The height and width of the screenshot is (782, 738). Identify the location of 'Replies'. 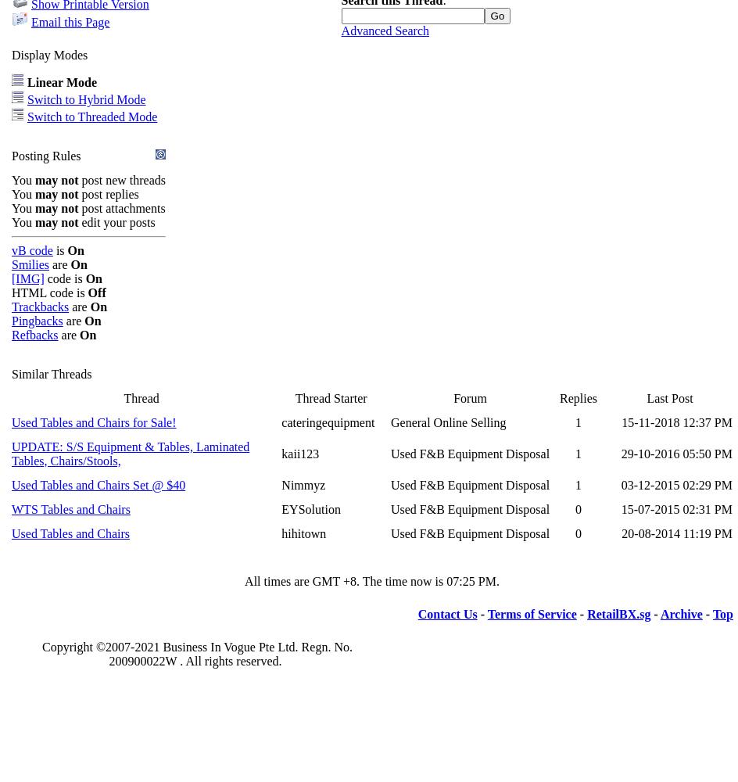
(579, 397).